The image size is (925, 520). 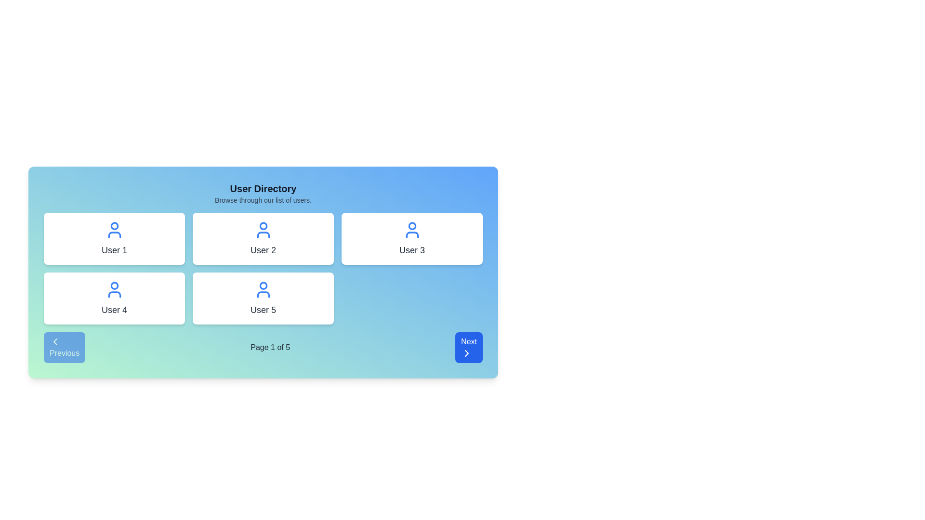 I want to click on the user avatar icon that is styled with blue lines and rounded edges, positioned above the text 'User 1' within the first user card, so click(x=114, y=230).